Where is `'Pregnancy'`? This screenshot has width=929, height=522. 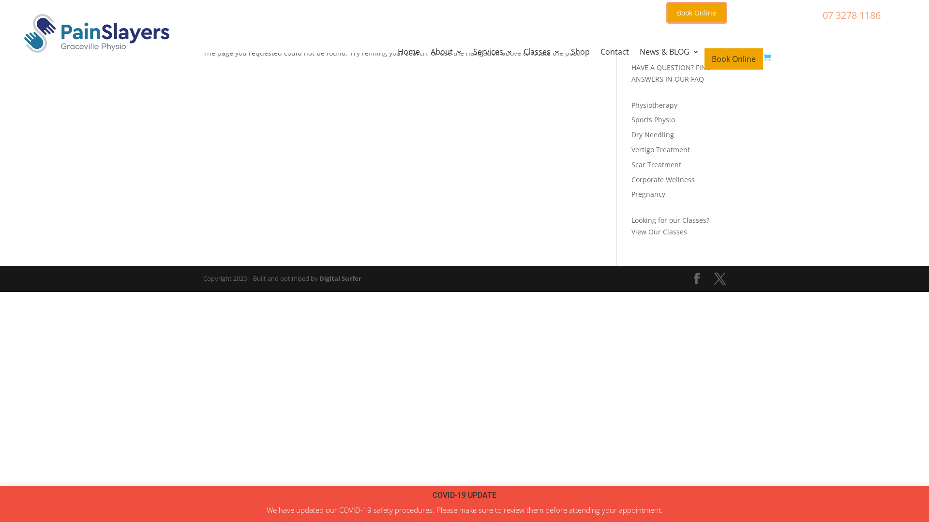
'Pregnancy' is located at coordinates (648, 194).